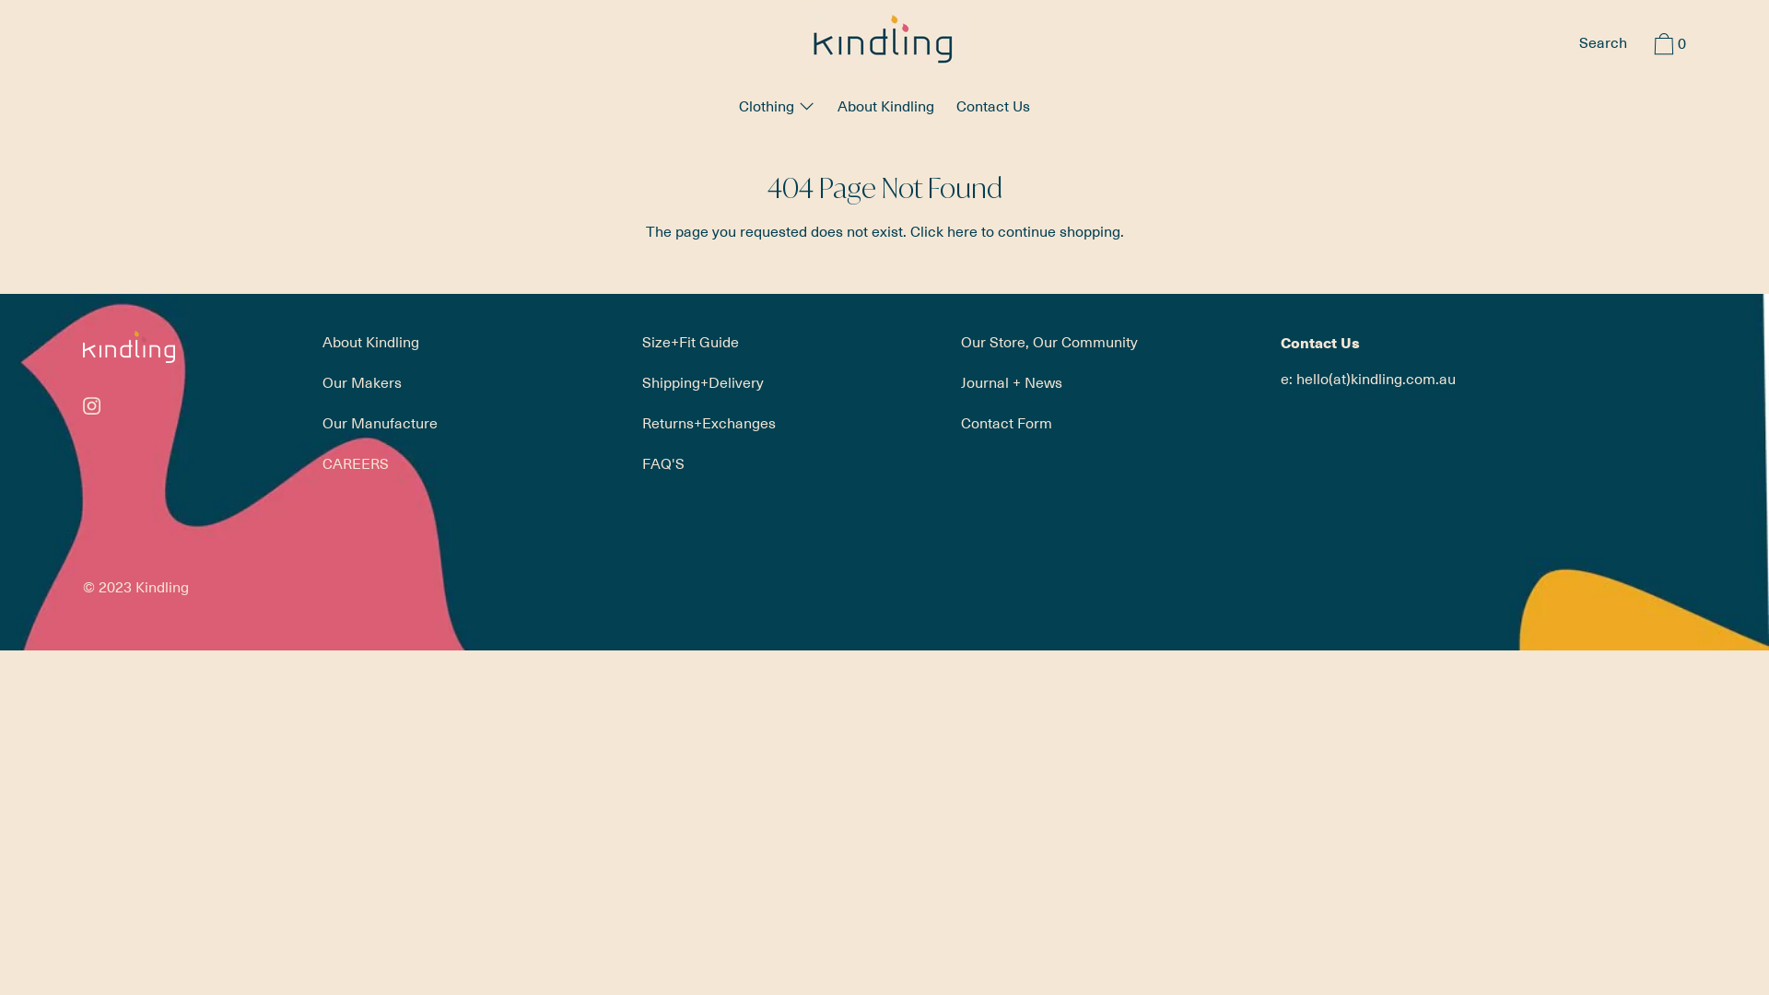 This screenshot has width=1769, height=995. I want to click on 'Size+Fit Guide', so click(689, 341).